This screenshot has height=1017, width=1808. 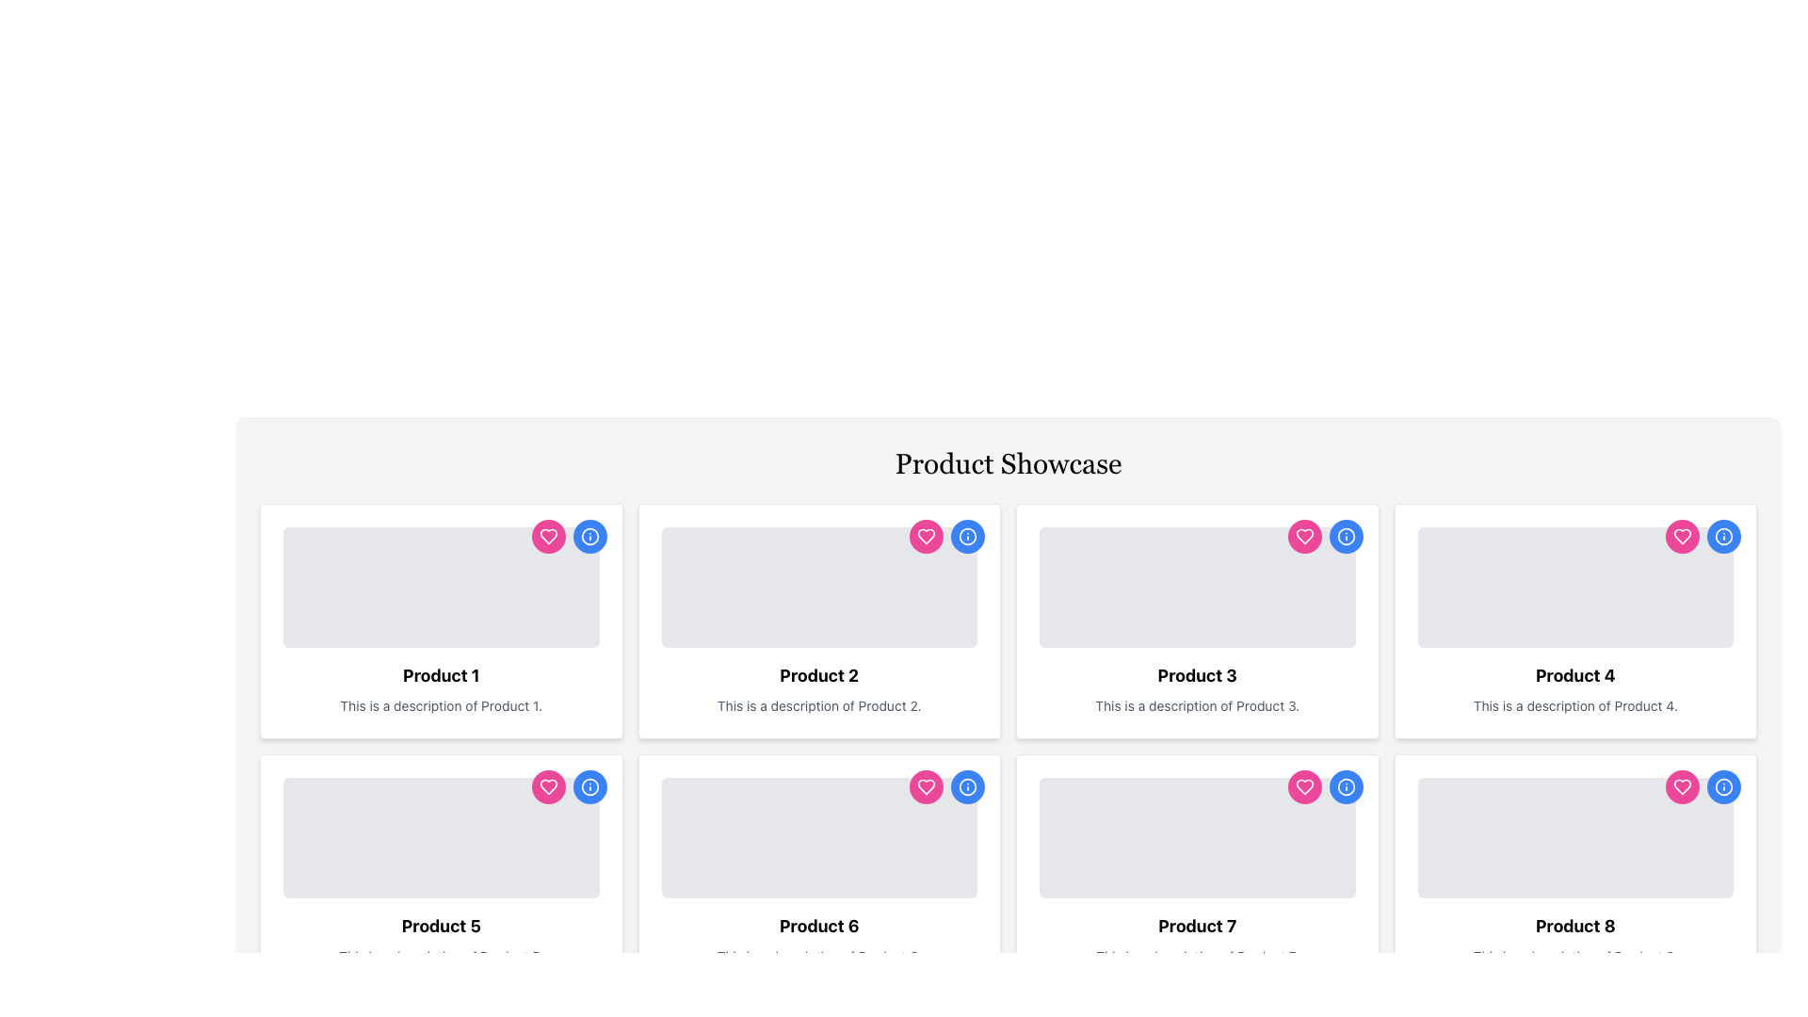 I want to click on the 'like' button located in the top-right corner of the fourth product card to express a preference for the associated product, so click(x=1682, y=537).